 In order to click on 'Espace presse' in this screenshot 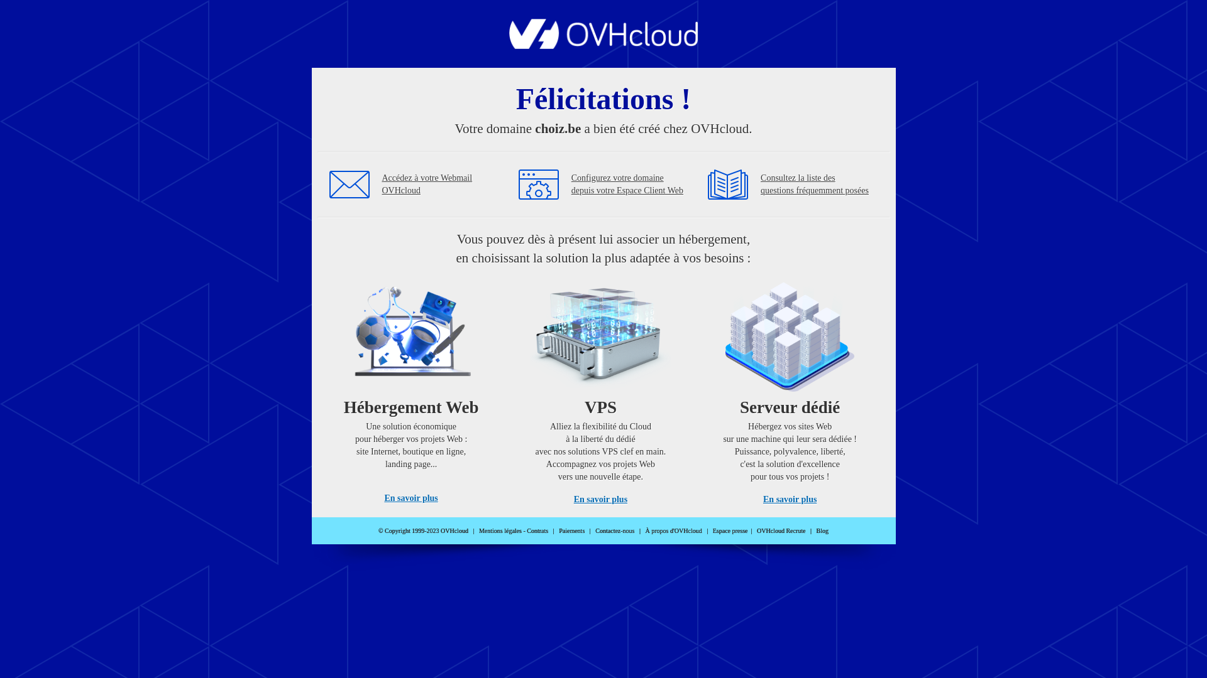, I will do `click(712, 530)`.